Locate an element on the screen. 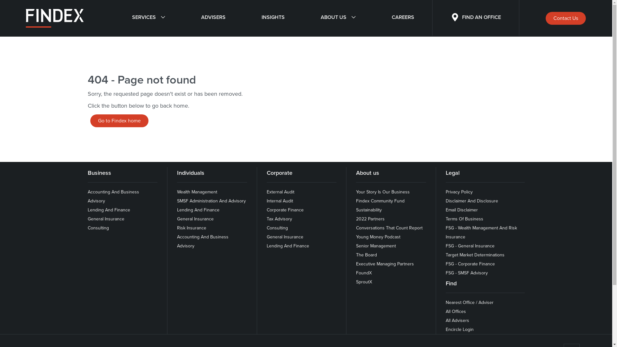 The height and width of the screenshot is (347, 617). 'External Audit' is located at coordinates (281, 191).